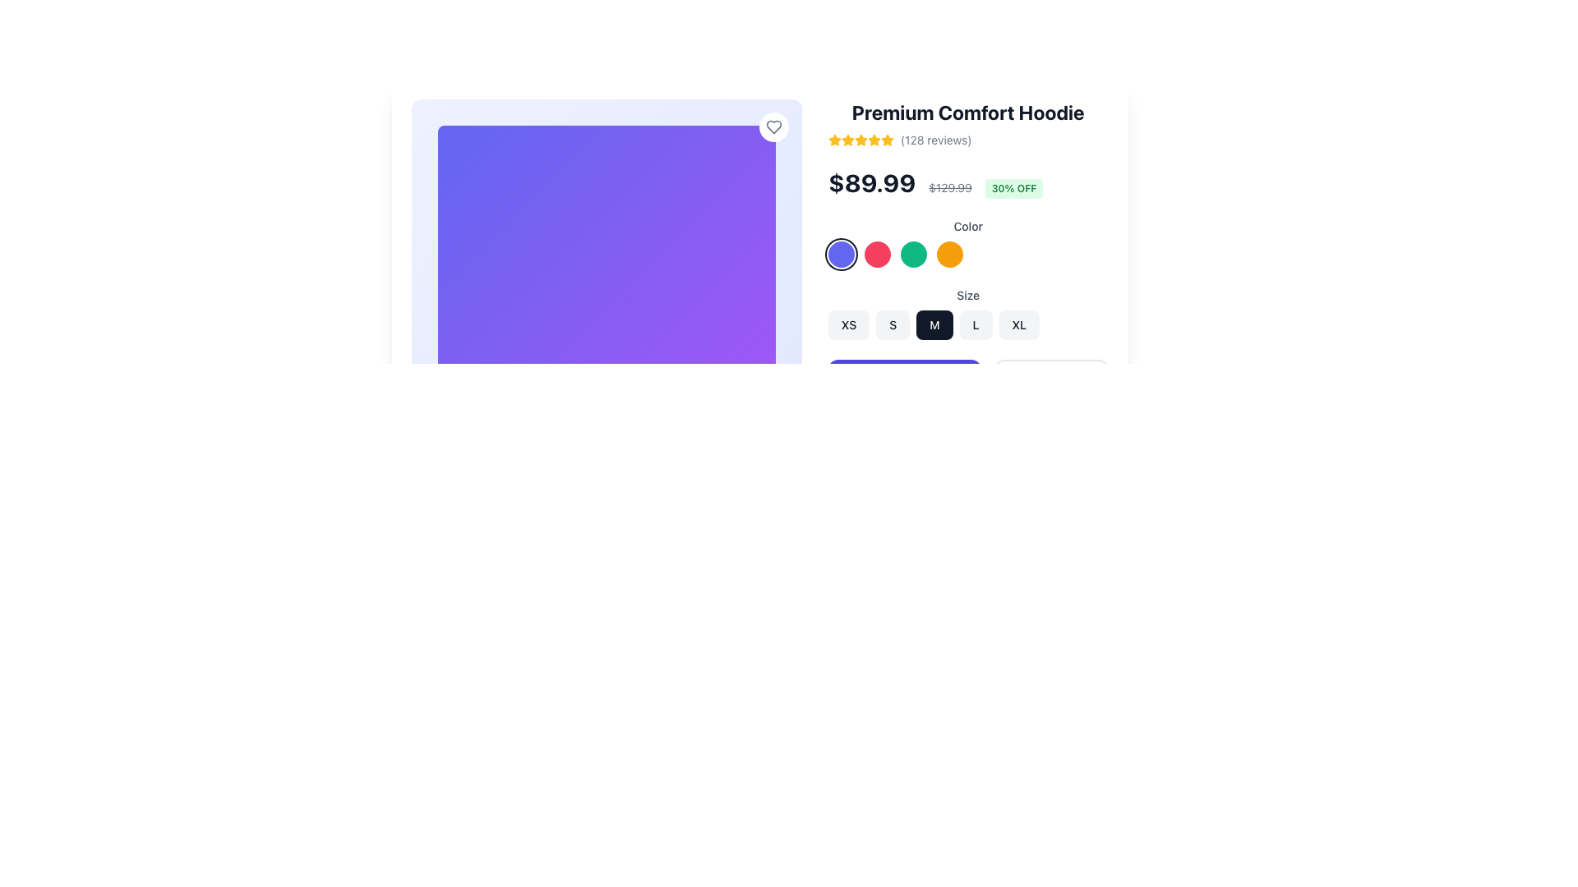 The image size is (1578, 887). Describe the element at coordinates (849, 325) in the screenshot. I see `the 'XS' size selection button to observe styling changes` at that location.